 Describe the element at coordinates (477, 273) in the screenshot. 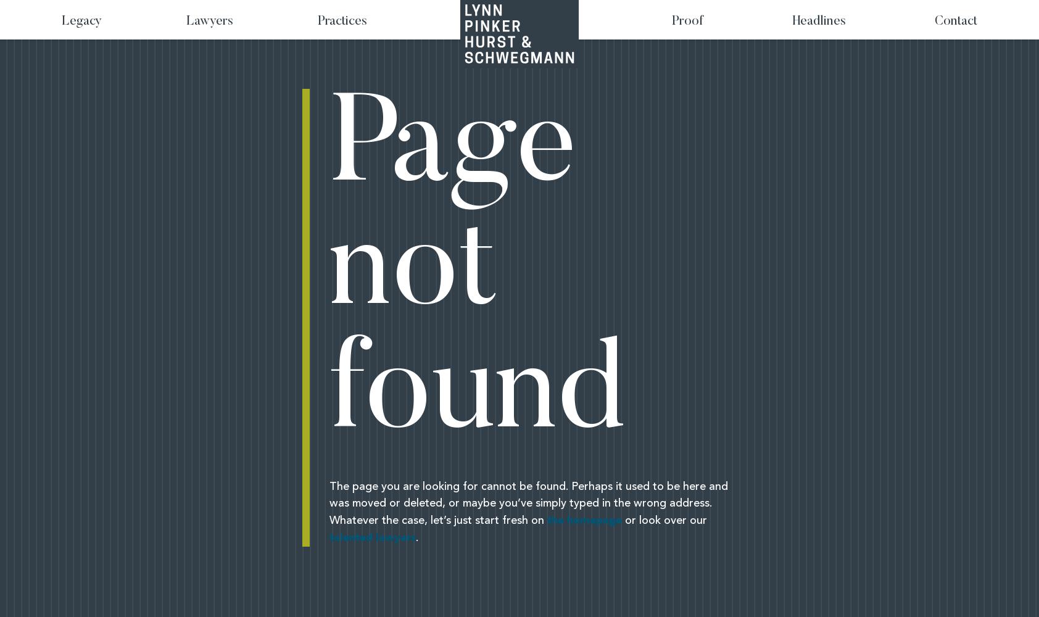

I see `'Page not found'` at that location.